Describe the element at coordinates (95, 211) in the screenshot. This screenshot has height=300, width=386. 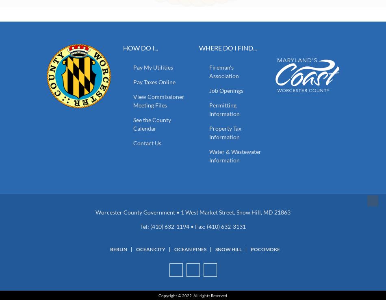
I see `'Worcester County Government • 1 West Market Street, Snow Hill, MD 21863'` at that location.